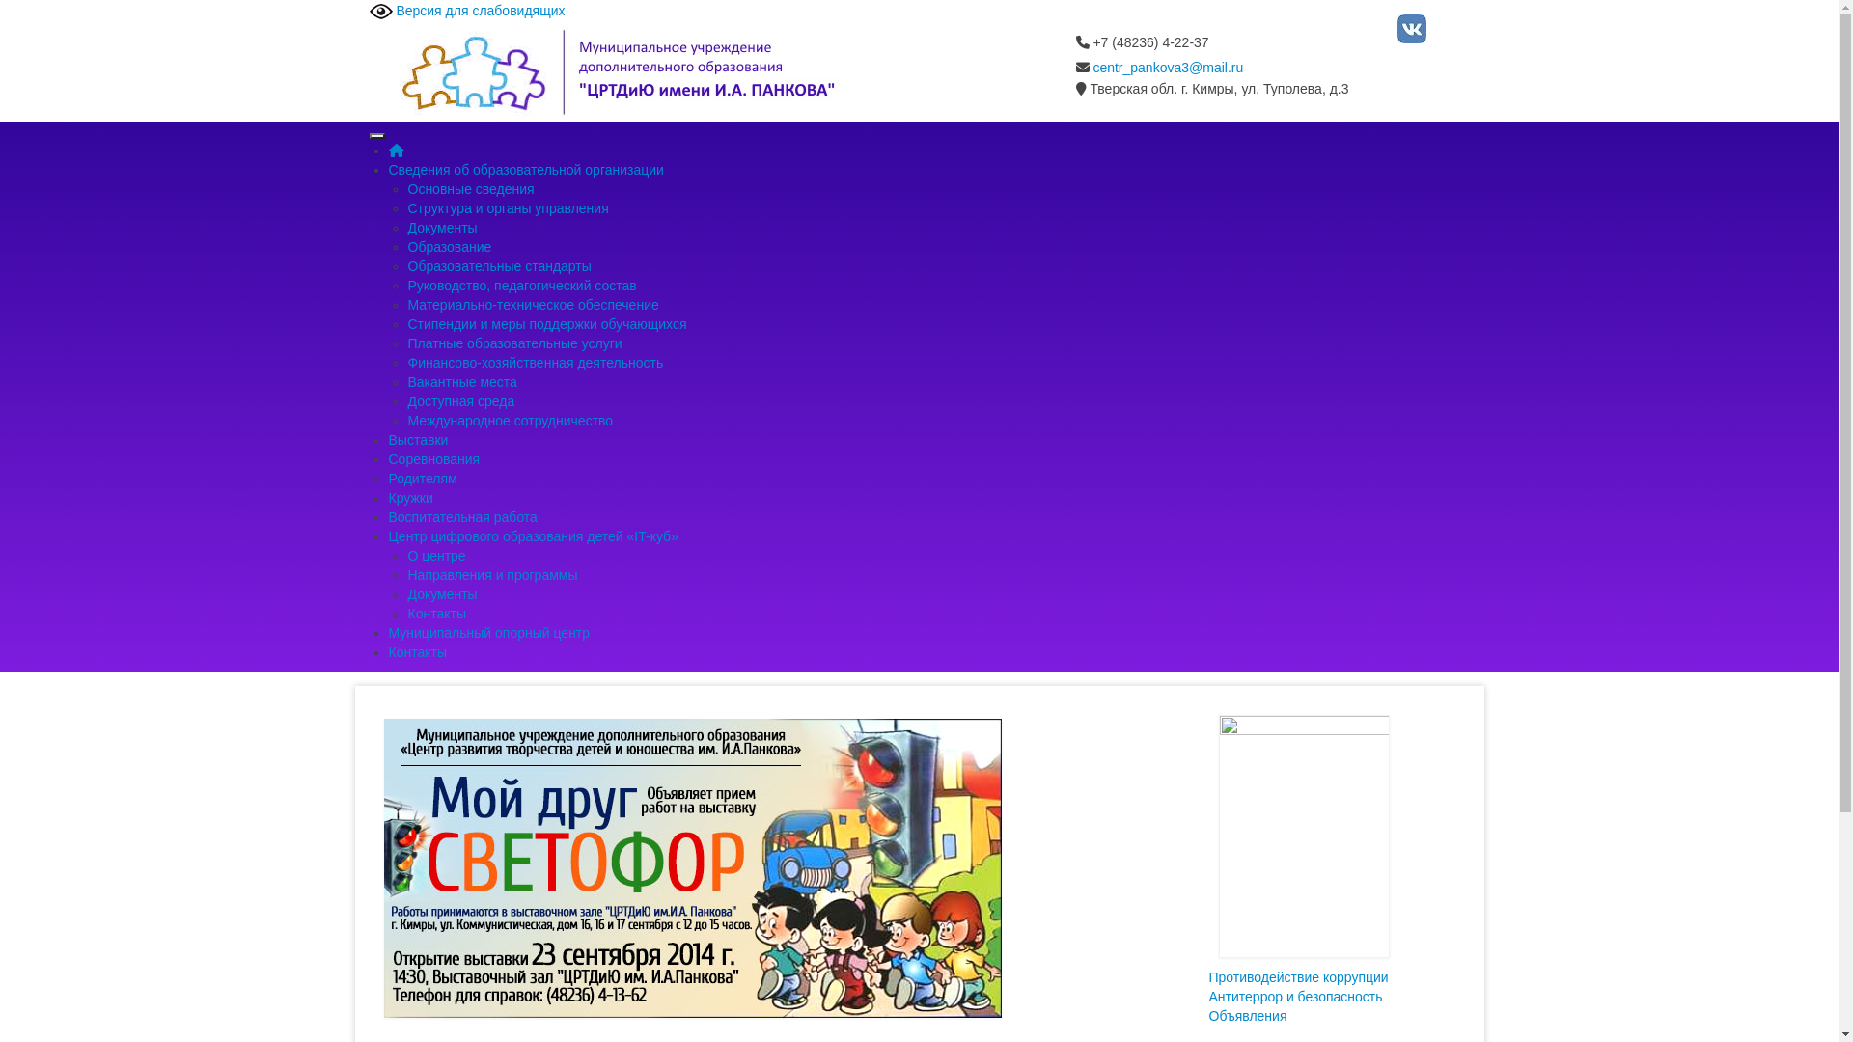  What do you see at coordinates (1141, 41) in the screenshot?
I see `'+7 (48236) 4-22-37'` at bounding box center [1141, 41].